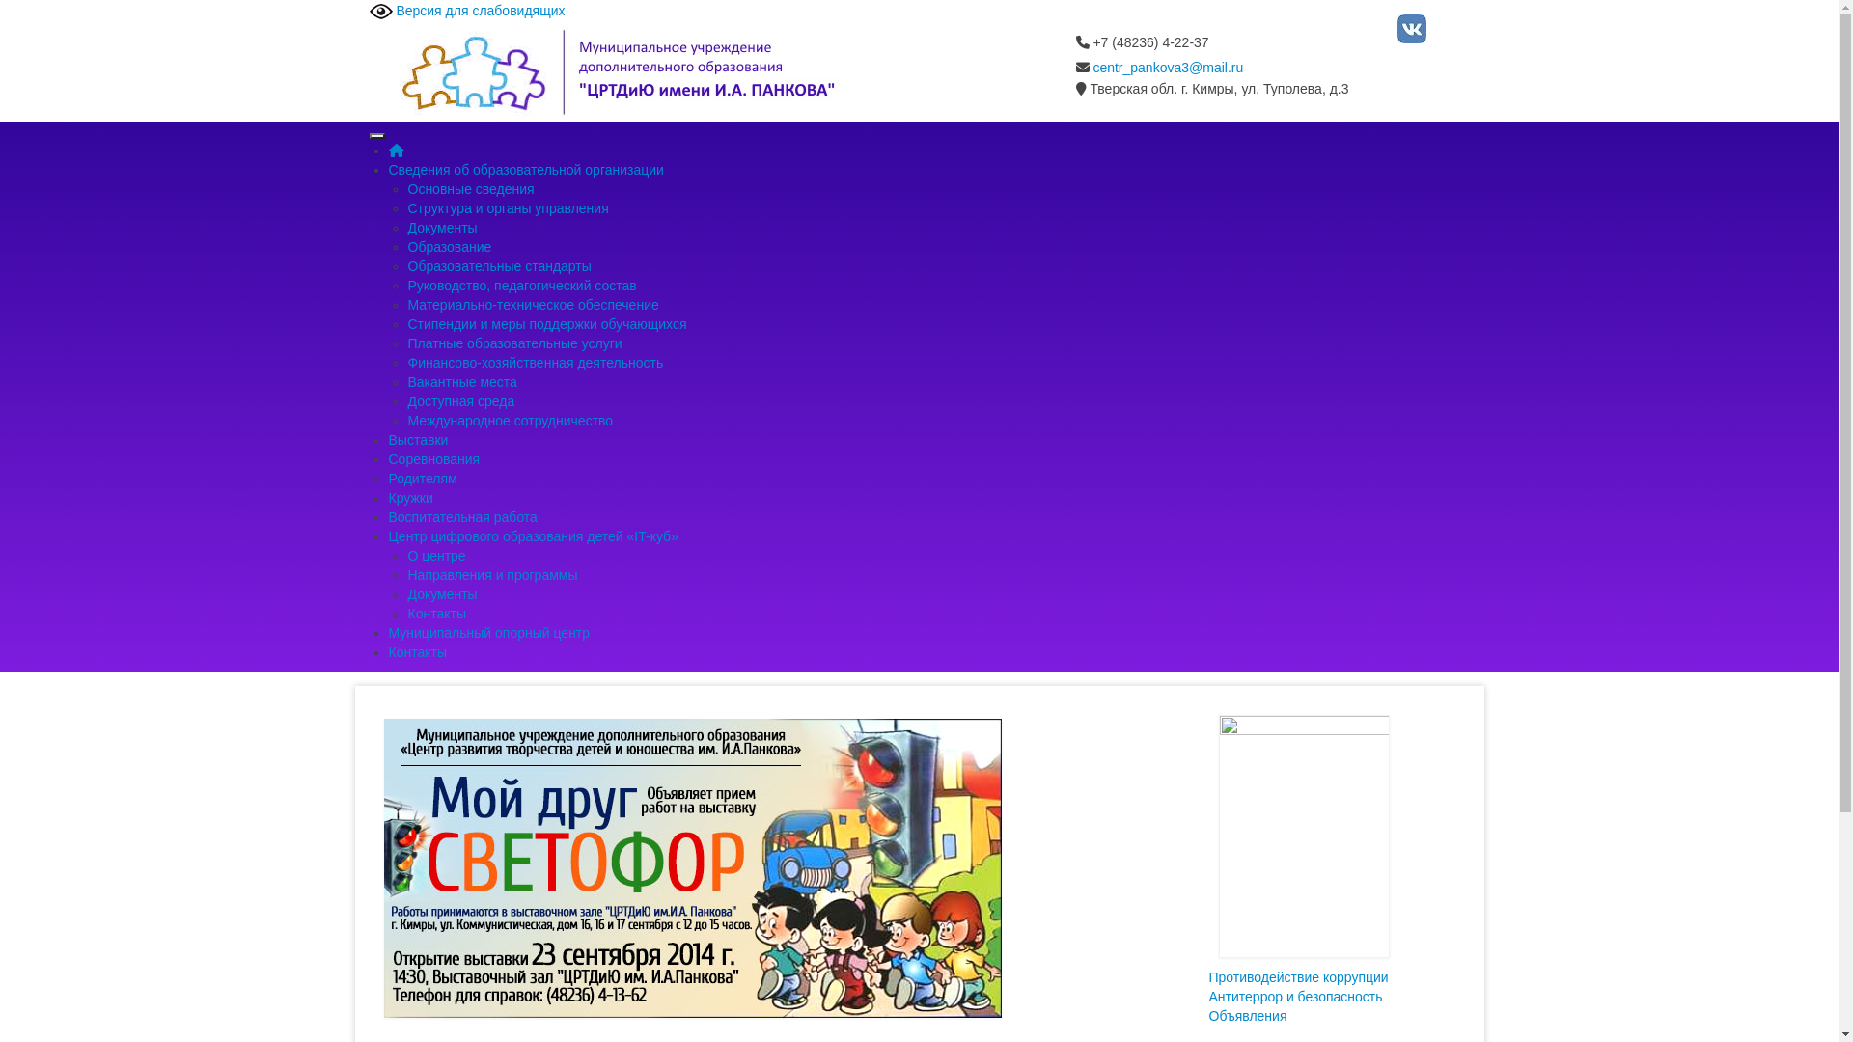  What do you see at coordinates (1141, 41) in the screenshot?
I see `'+7 (48236) 4-22-37'` at bounding box center [1141, 41].